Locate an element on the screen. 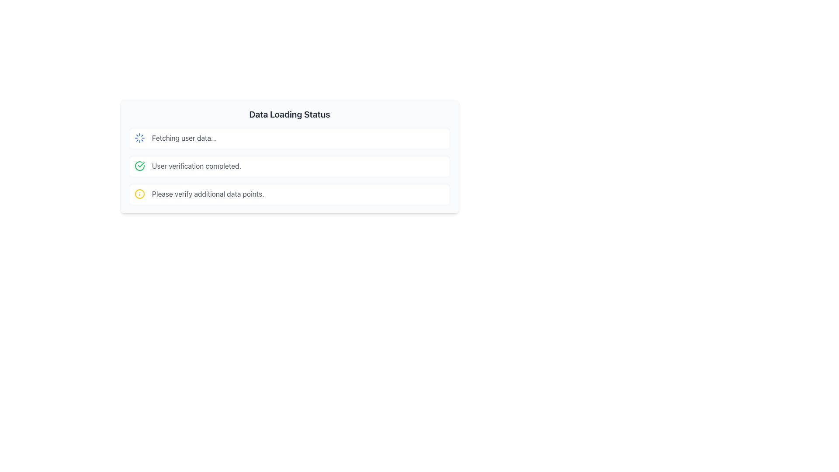  the Spinning loader icon, which is a blue circular animated icon located to the left of the text 'Fetching user data...' is located at coordinates (140, 138).